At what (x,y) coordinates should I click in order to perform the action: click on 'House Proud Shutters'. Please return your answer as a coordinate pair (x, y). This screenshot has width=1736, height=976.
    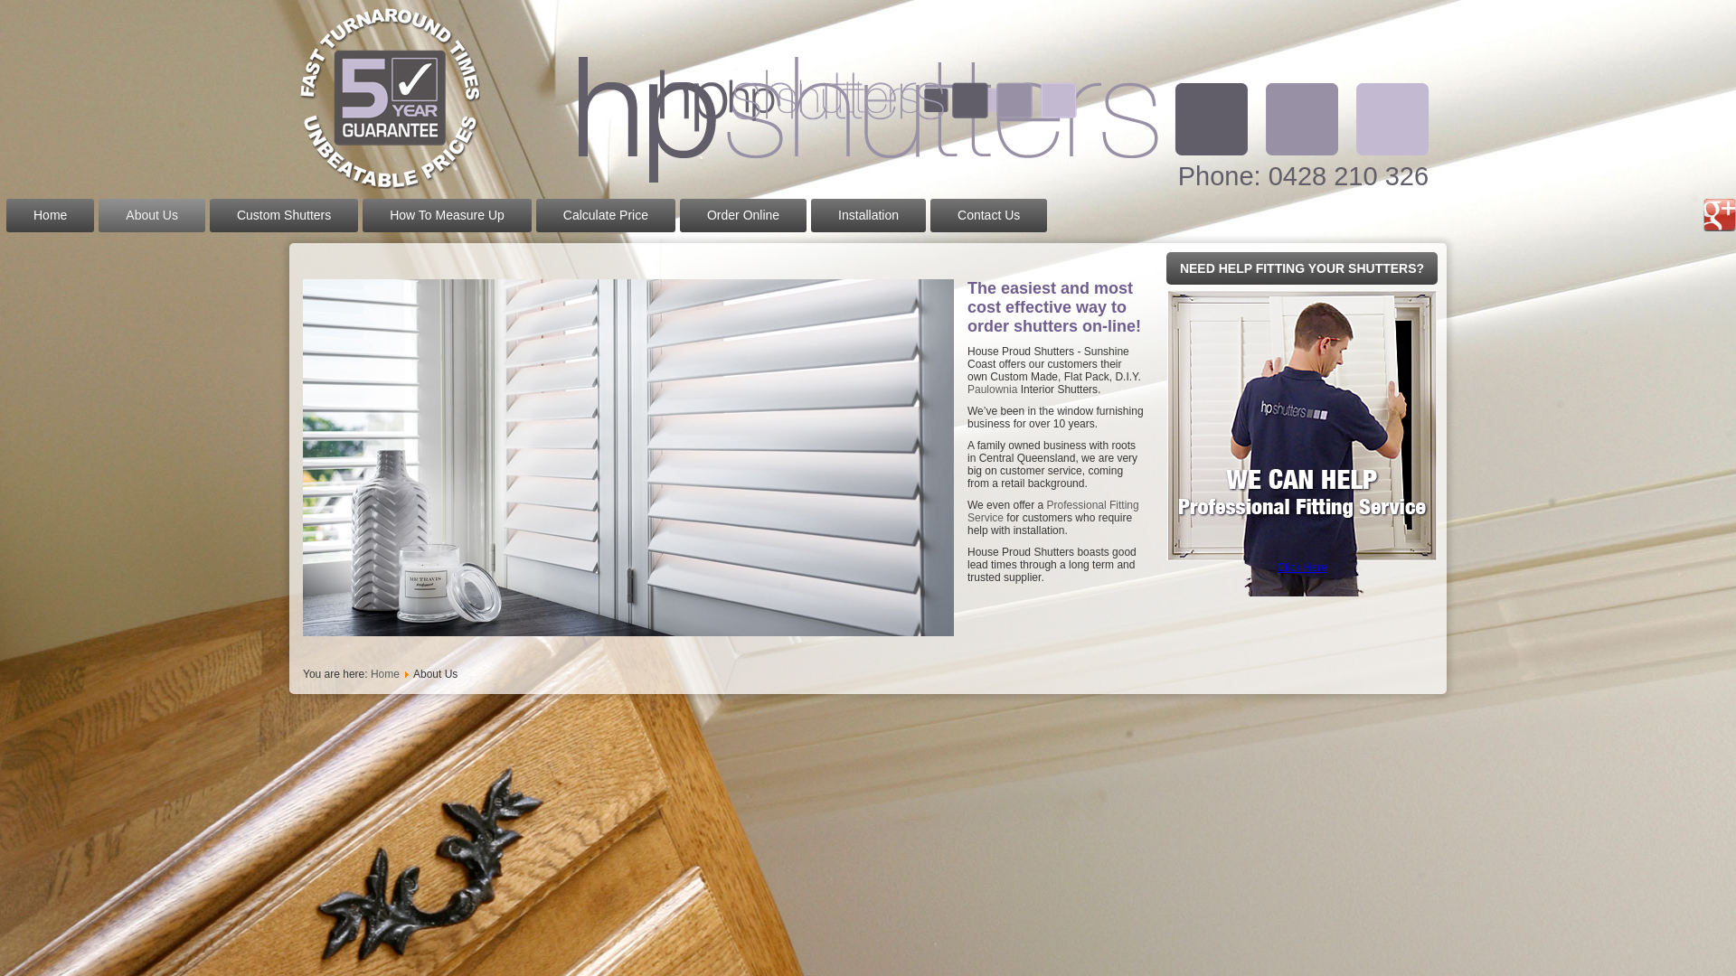
    Looking at the image, I should click on (520, 42).